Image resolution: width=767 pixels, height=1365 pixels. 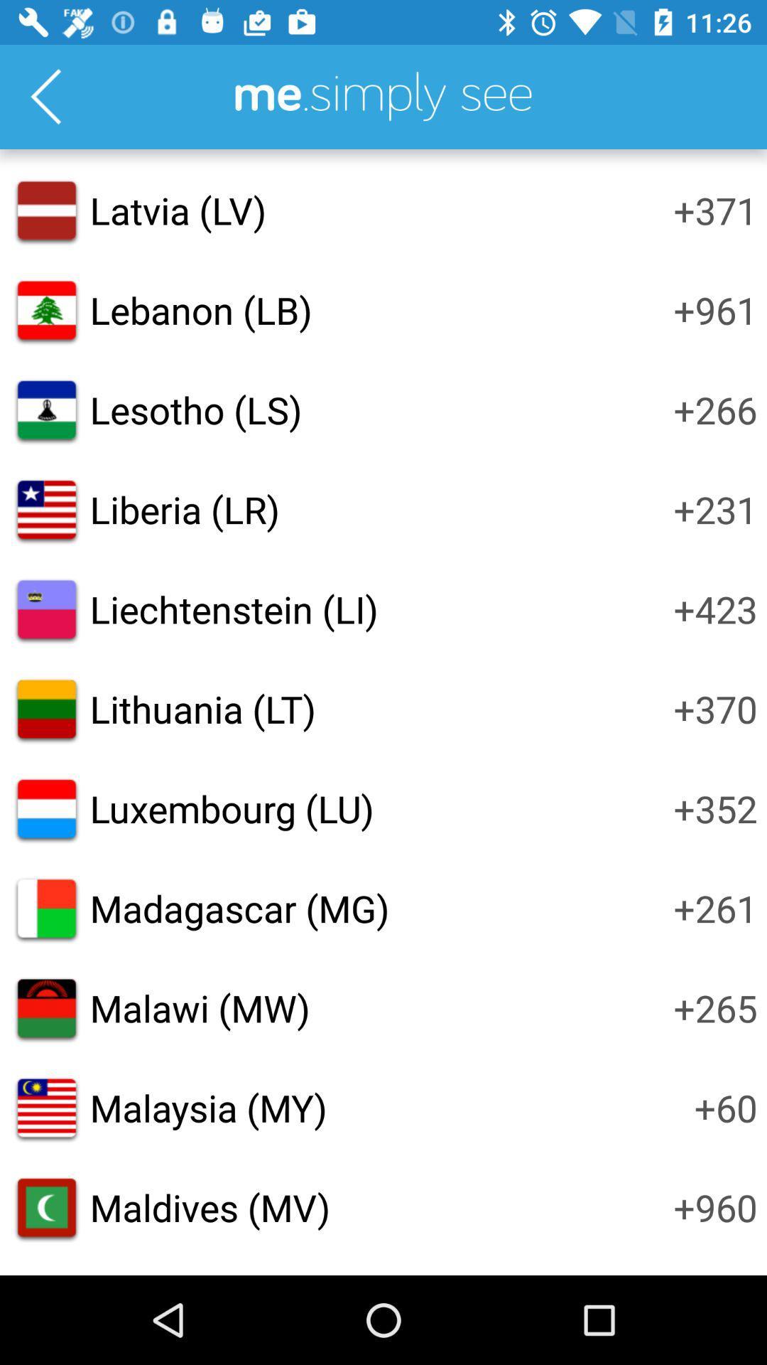 What do you see at coordinates (202, 709) in the screenshot?
I see `icon to the left of +370` at bounding box center [202, 709].